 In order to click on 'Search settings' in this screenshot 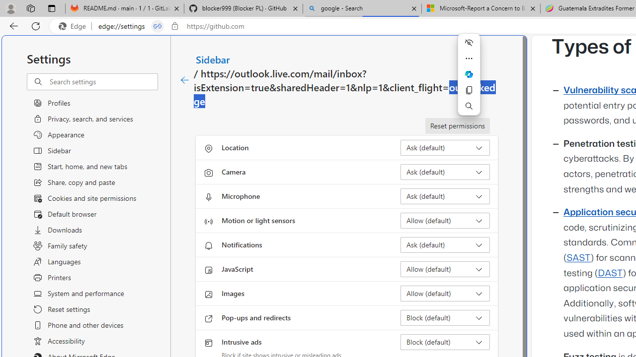, I will do `click(103, 81)`.